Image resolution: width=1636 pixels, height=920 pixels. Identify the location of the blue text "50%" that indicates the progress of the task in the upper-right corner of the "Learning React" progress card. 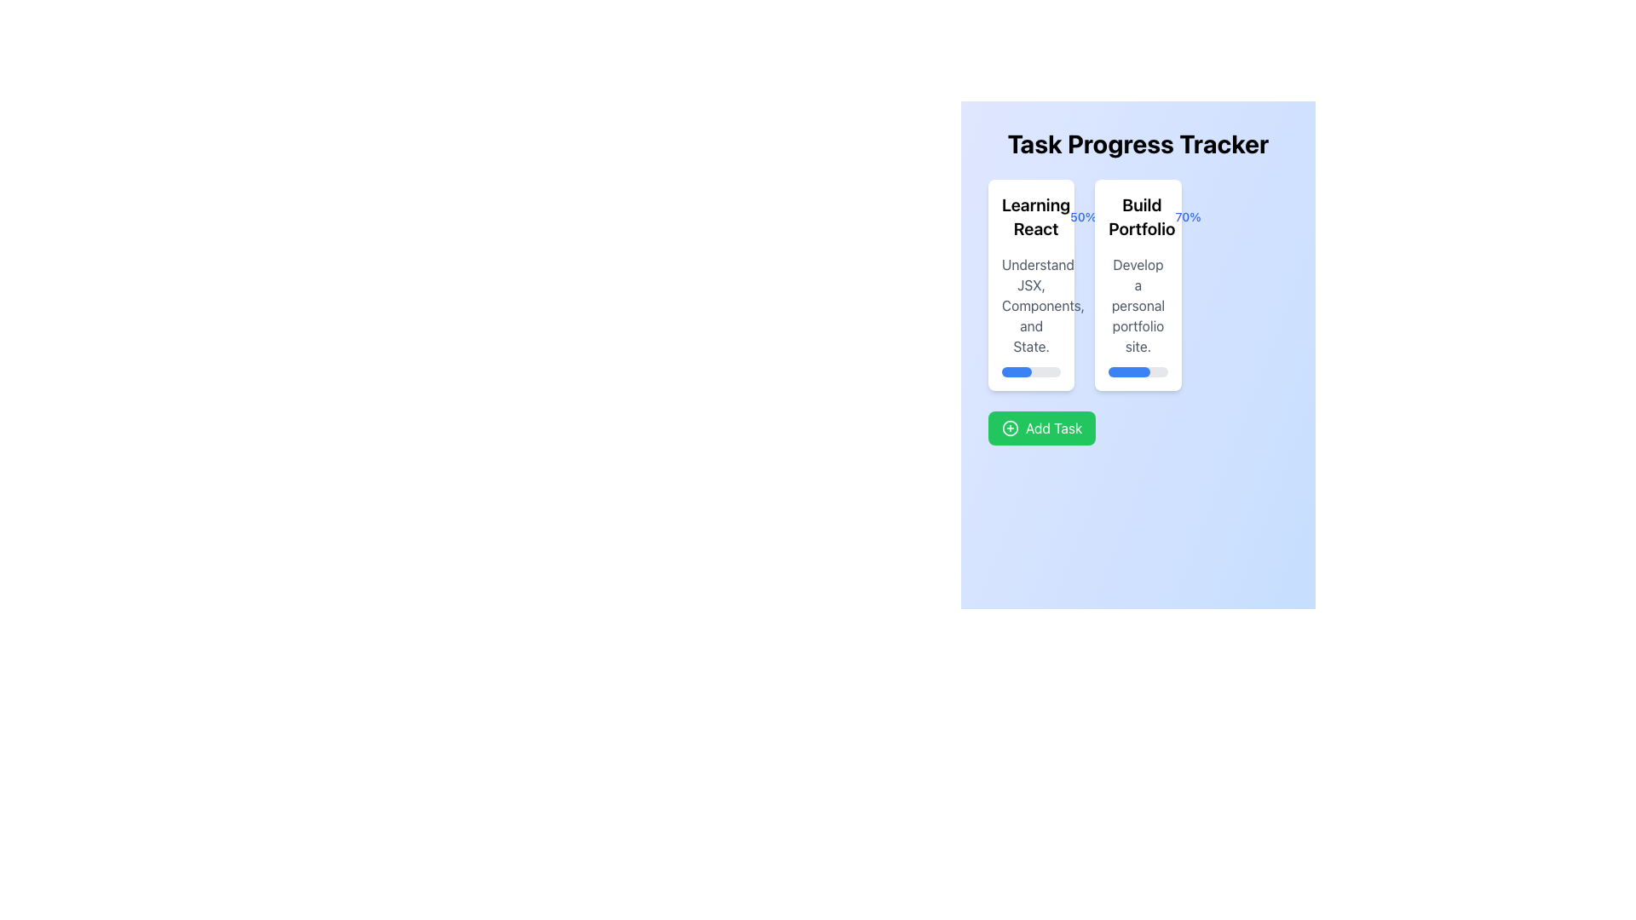
(1082, 216).